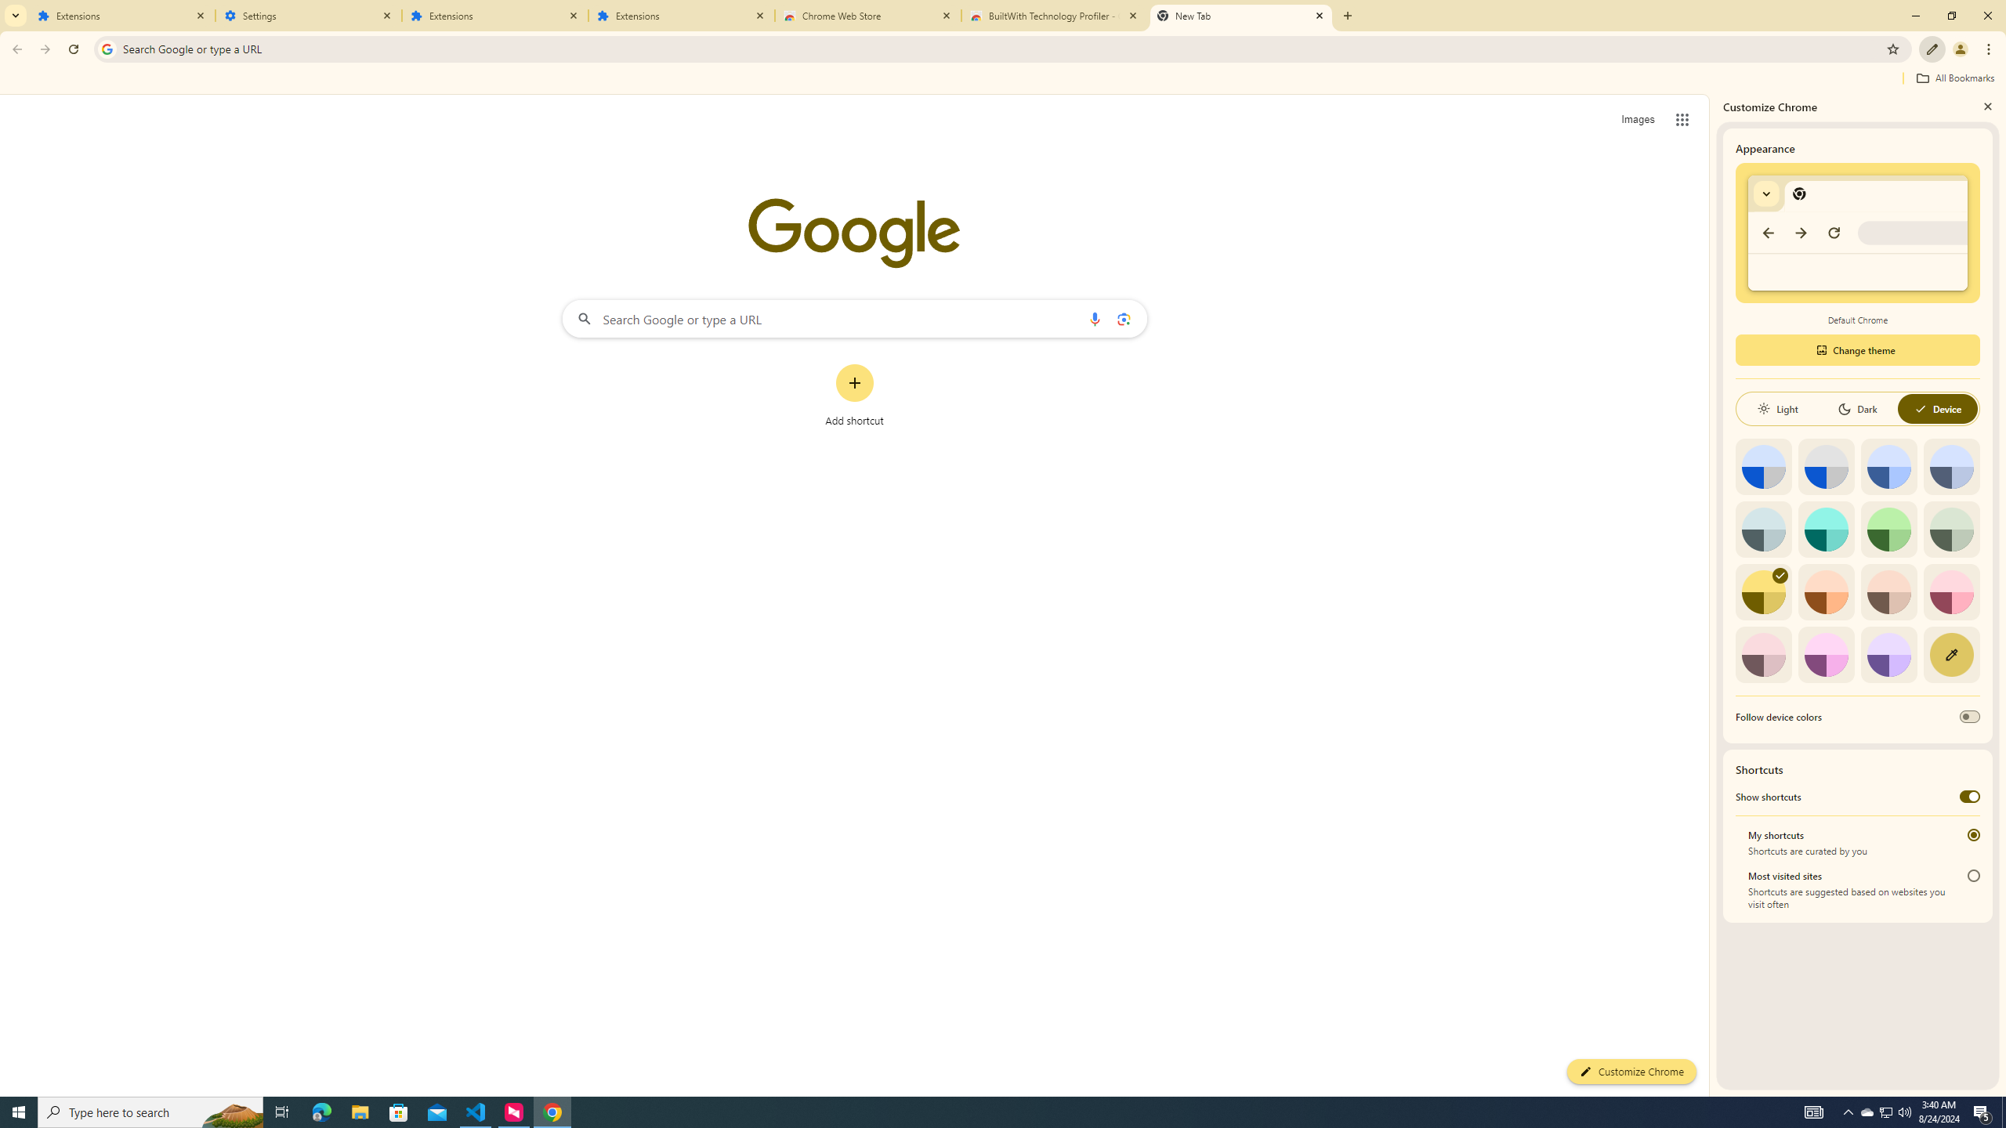 The image size is (2006, 1128). Describe the element at coordinates (1974, 834) in the screenshot. I see `'My shortcuts'` at that location.